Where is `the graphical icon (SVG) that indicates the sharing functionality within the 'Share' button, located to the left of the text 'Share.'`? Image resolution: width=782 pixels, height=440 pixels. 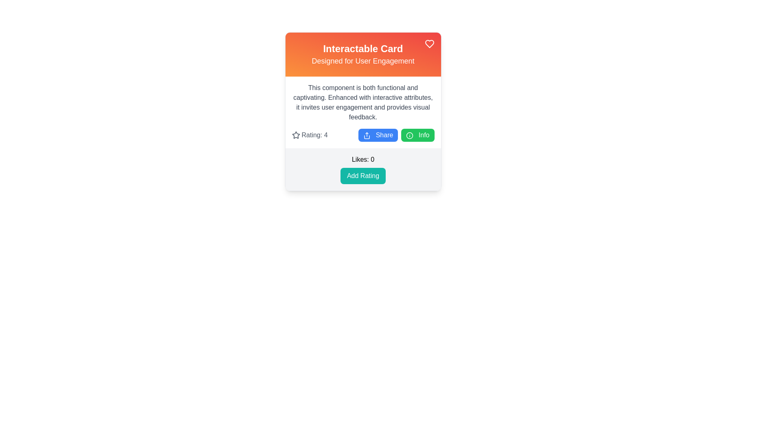 the graphical icon (SVG) that indicates the sharing functionality within the 'Share' button, located to the left of the text 'Share.' is located at coordinates (367, 135).